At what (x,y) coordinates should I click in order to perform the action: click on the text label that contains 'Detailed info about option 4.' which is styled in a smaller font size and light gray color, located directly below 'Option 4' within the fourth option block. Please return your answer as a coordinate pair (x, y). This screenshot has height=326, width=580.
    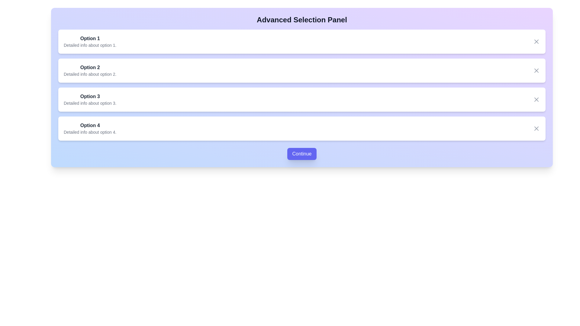
    Looking at the image, I should click on (90, 132).